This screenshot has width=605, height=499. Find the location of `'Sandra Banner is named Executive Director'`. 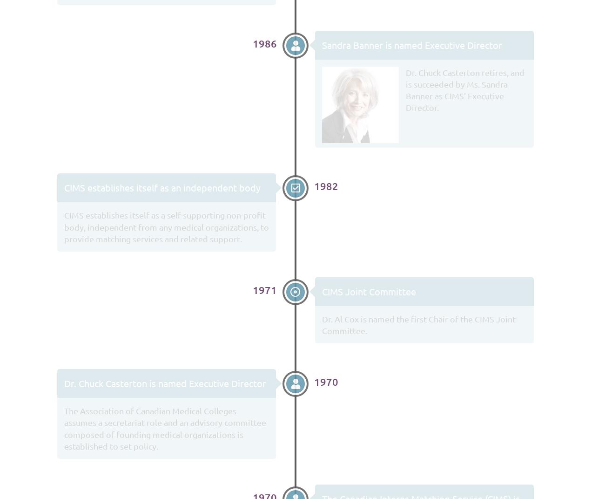

'Sandra Banner is named Executive Director' is located at coordinates (411, 44).